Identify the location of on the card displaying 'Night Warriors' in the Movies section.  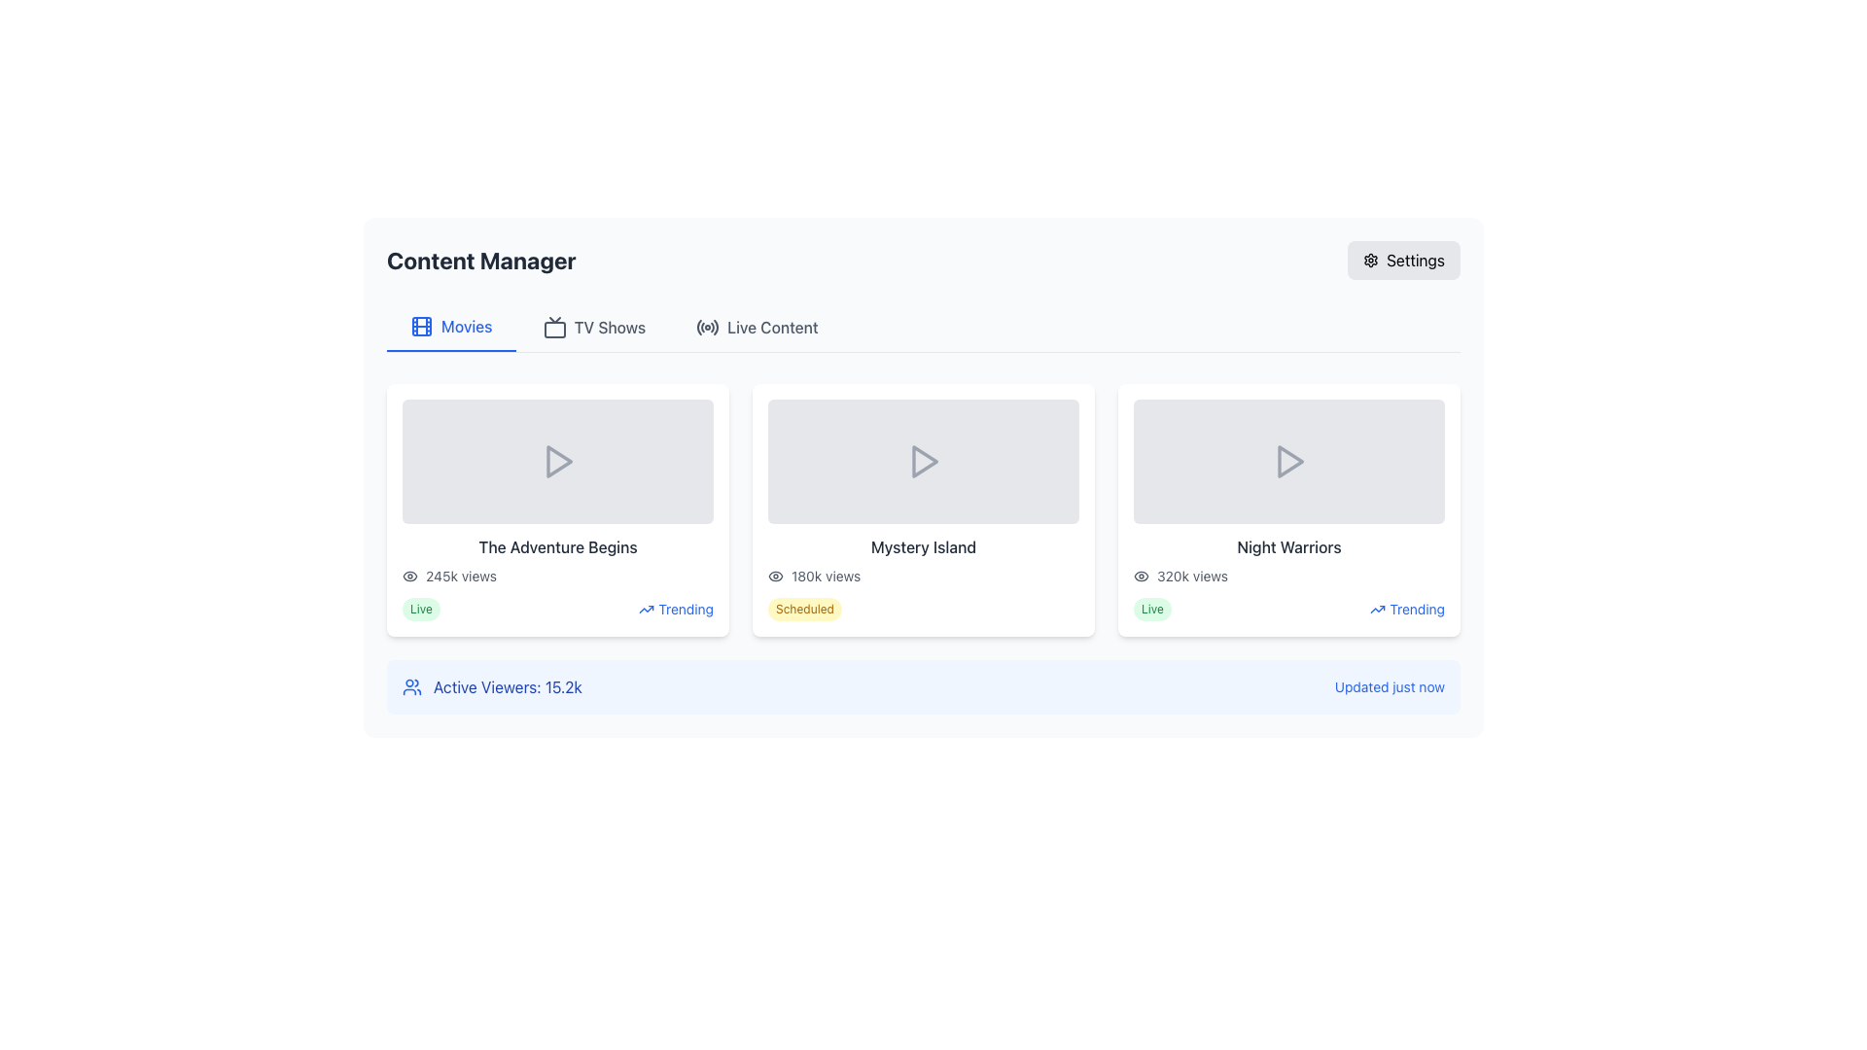
(1288, 508).